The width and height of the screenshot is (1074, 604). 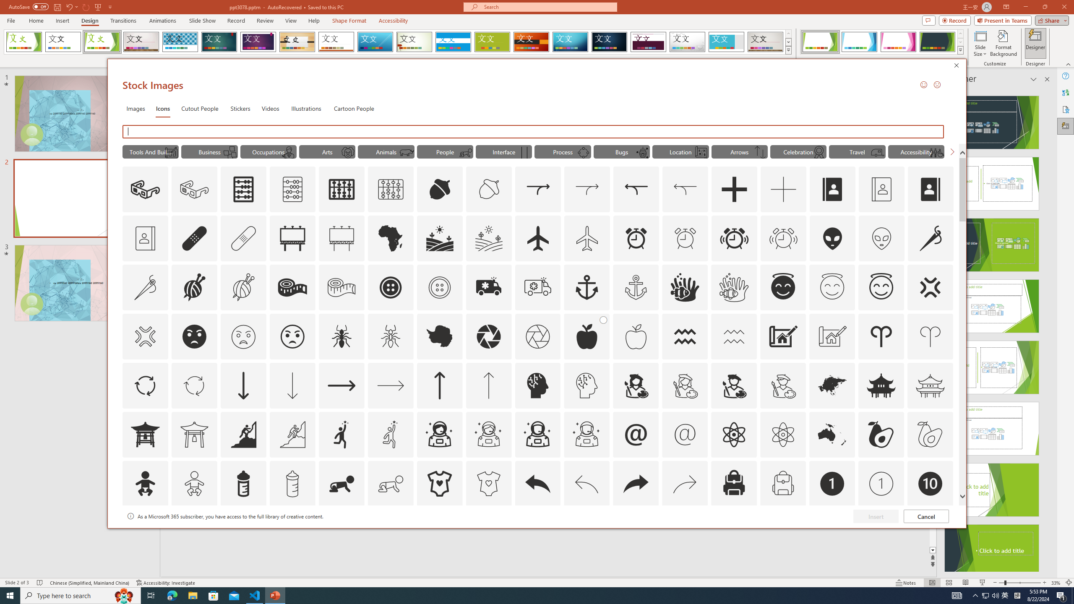 I want to click on '"Occupations" Icons.', so click(x=268, y=151).